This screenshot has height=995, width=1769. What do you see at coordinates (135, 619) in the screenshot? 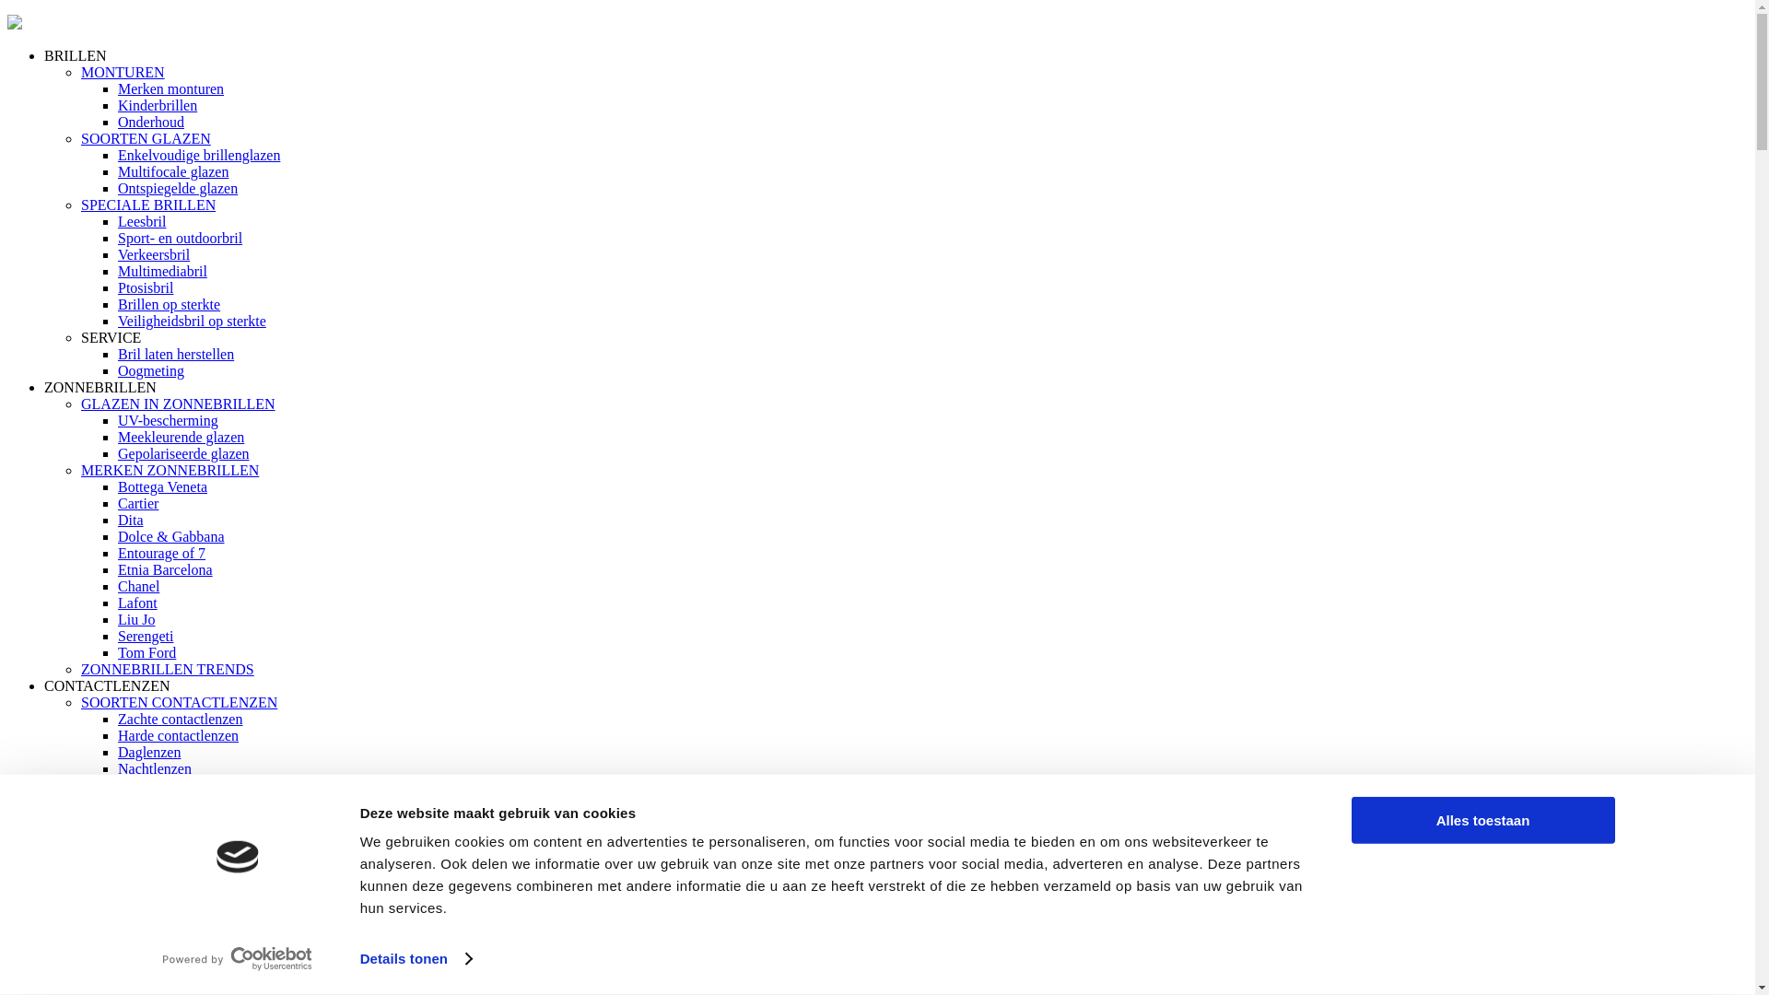
I see `'Liu Jo'` at bounding box center [135, 619].